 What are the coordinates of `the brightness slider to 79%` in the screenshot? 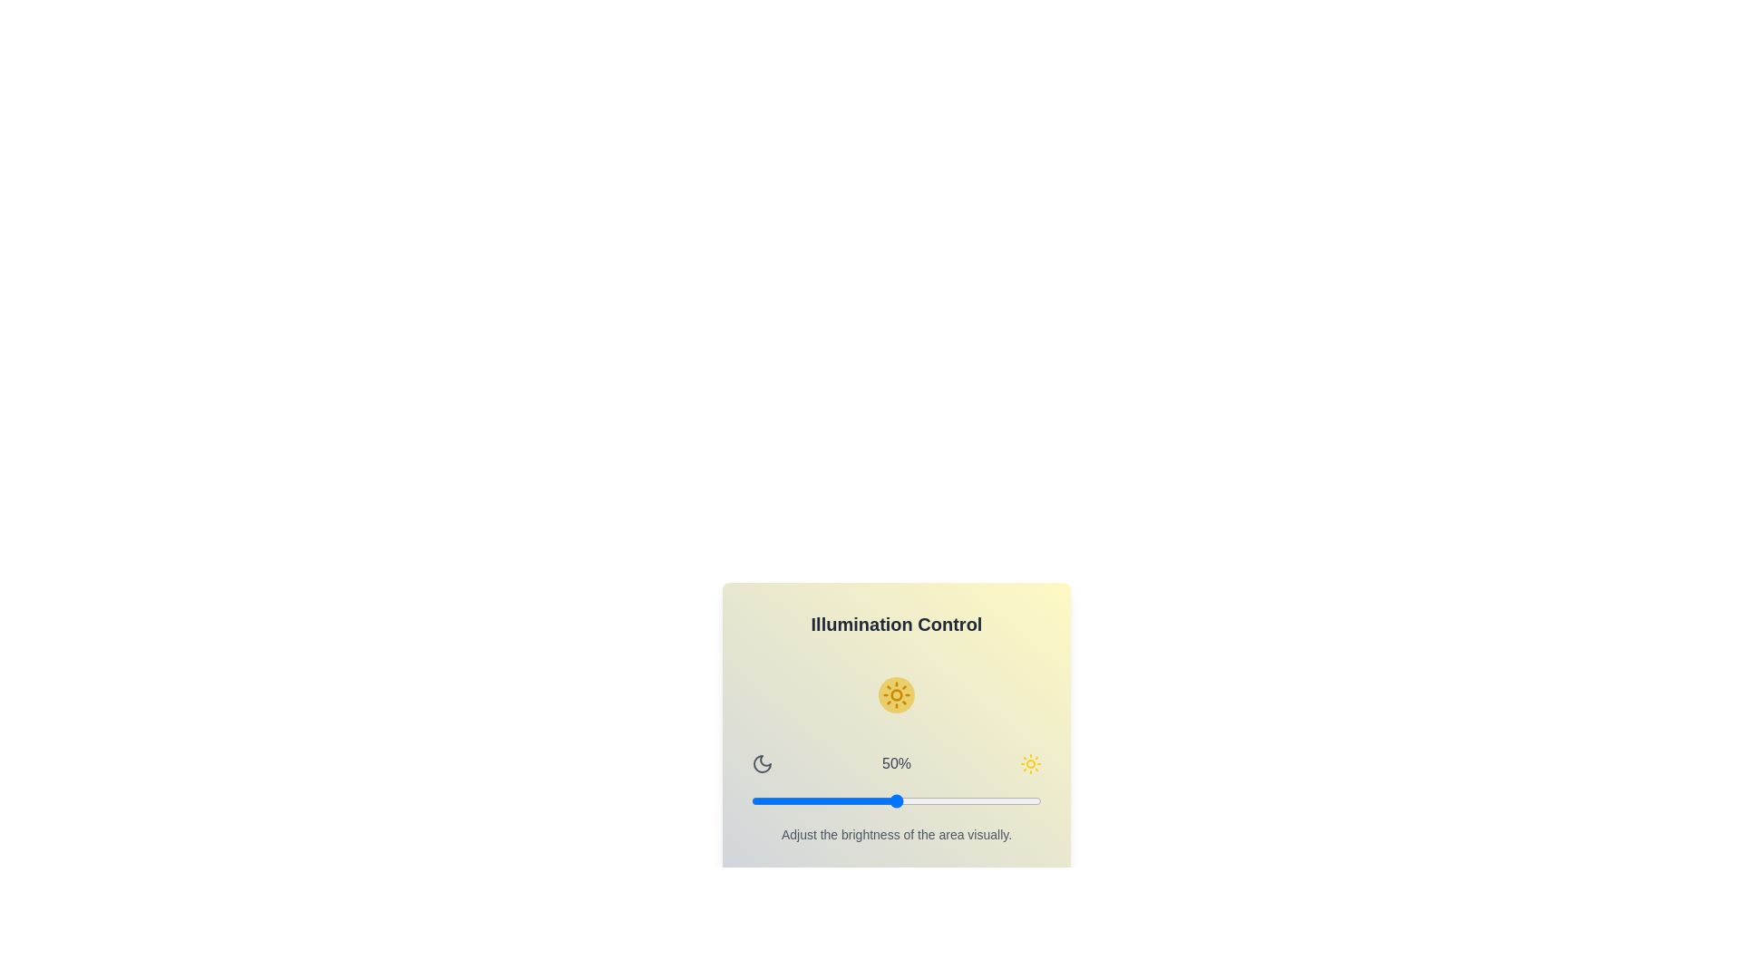 It's located at (979, 800).